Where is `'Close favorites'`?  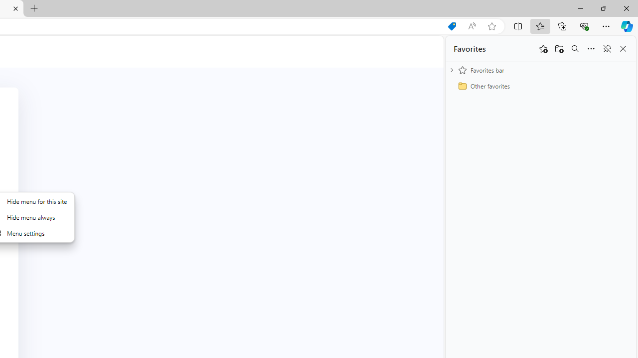
'Close favorites' is located at coordinates (623, 49).